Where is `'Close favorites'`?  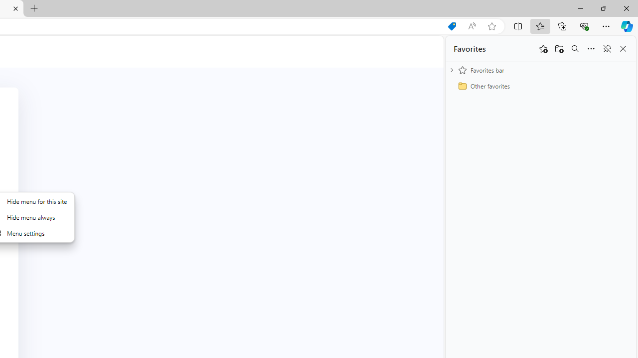
'Close favorites' is located at coordinates (623, 49).